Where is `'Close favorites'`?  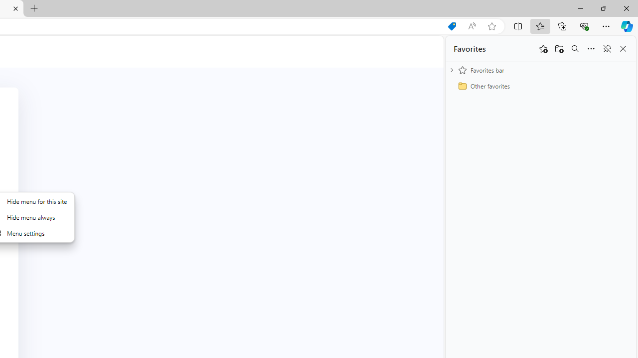
'Close favorites' is located at coordinates (623, 49).